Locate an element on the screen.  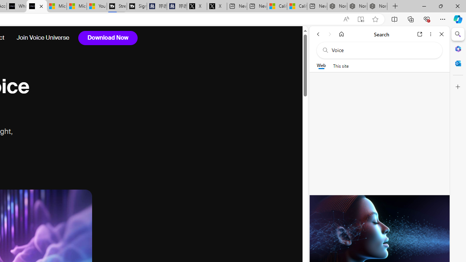
'Search' is located at coordinates (458, 34).